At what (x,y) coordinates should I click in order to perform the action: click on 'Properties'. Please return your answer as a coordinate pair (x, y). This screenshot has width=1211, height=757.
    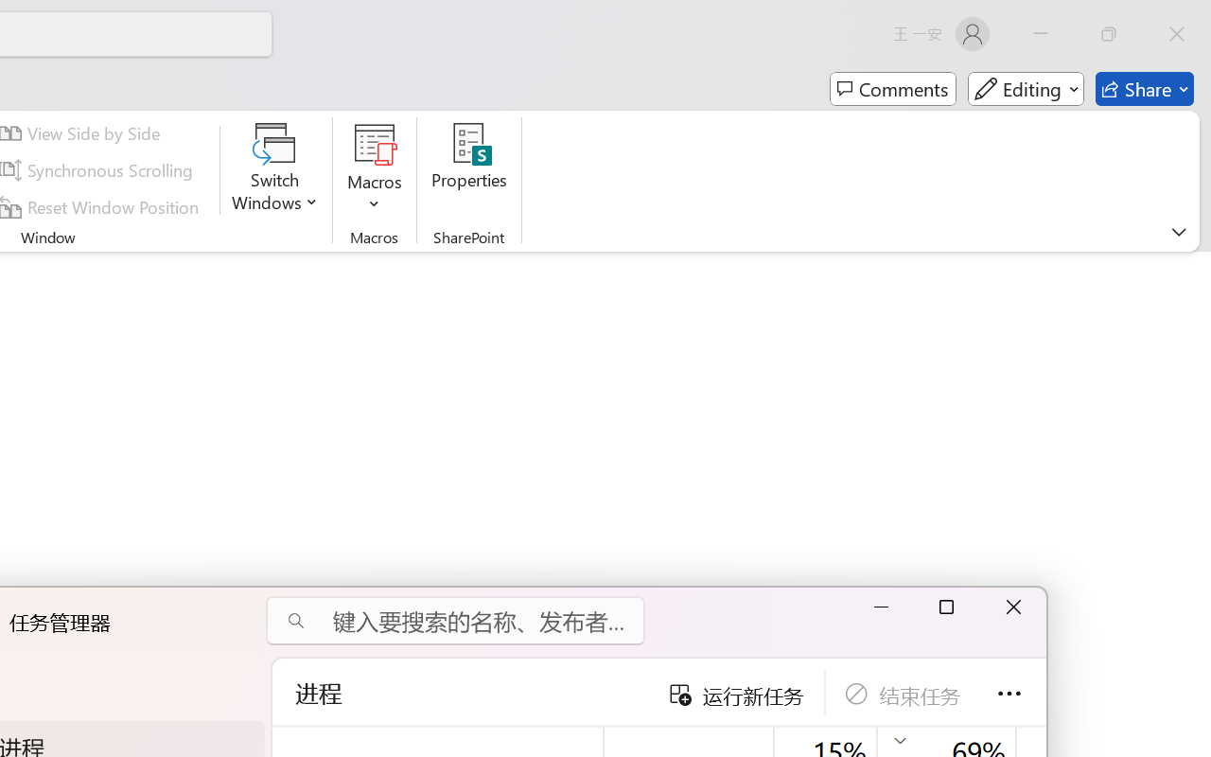
    Looking at the image, I should click on (469, 169).